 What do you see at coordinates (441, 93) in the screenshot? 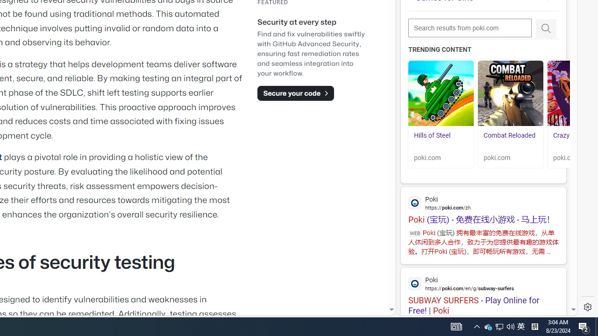
I see `'Hills of Steel'` at bounding box center [441, 93].